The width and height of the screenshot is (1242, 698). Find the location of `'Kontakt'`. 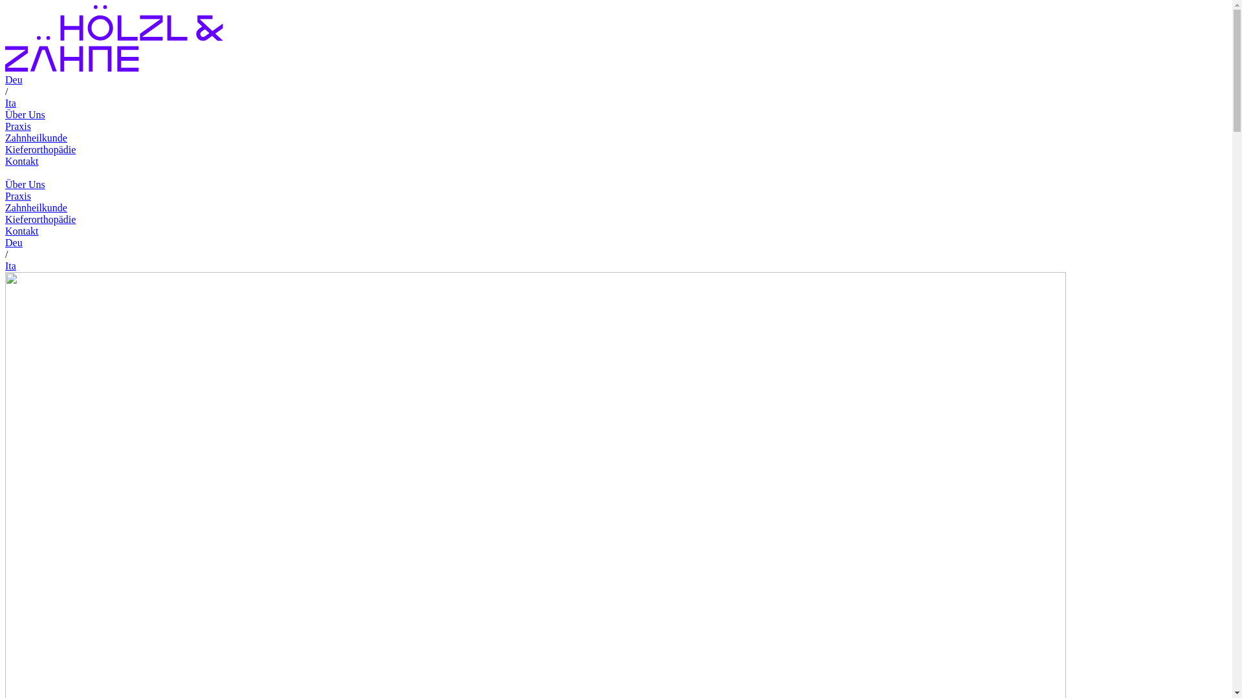

'Kontakt' is located at coordinates (21, 160).